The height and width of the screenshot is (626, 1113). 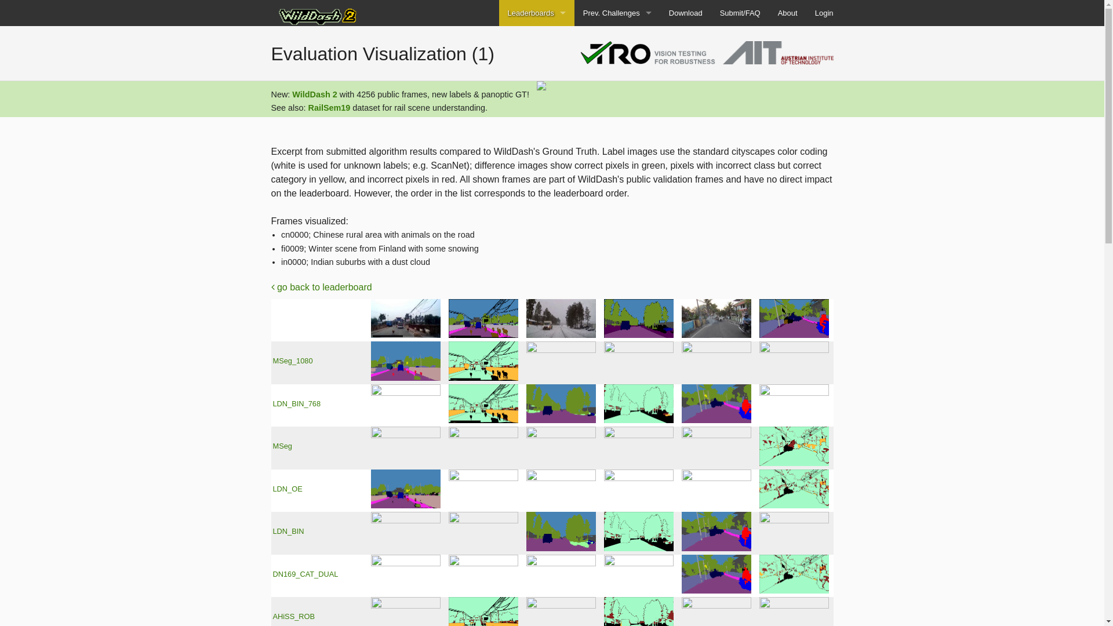 I want to click on 'About', so click(x=787, y=13).